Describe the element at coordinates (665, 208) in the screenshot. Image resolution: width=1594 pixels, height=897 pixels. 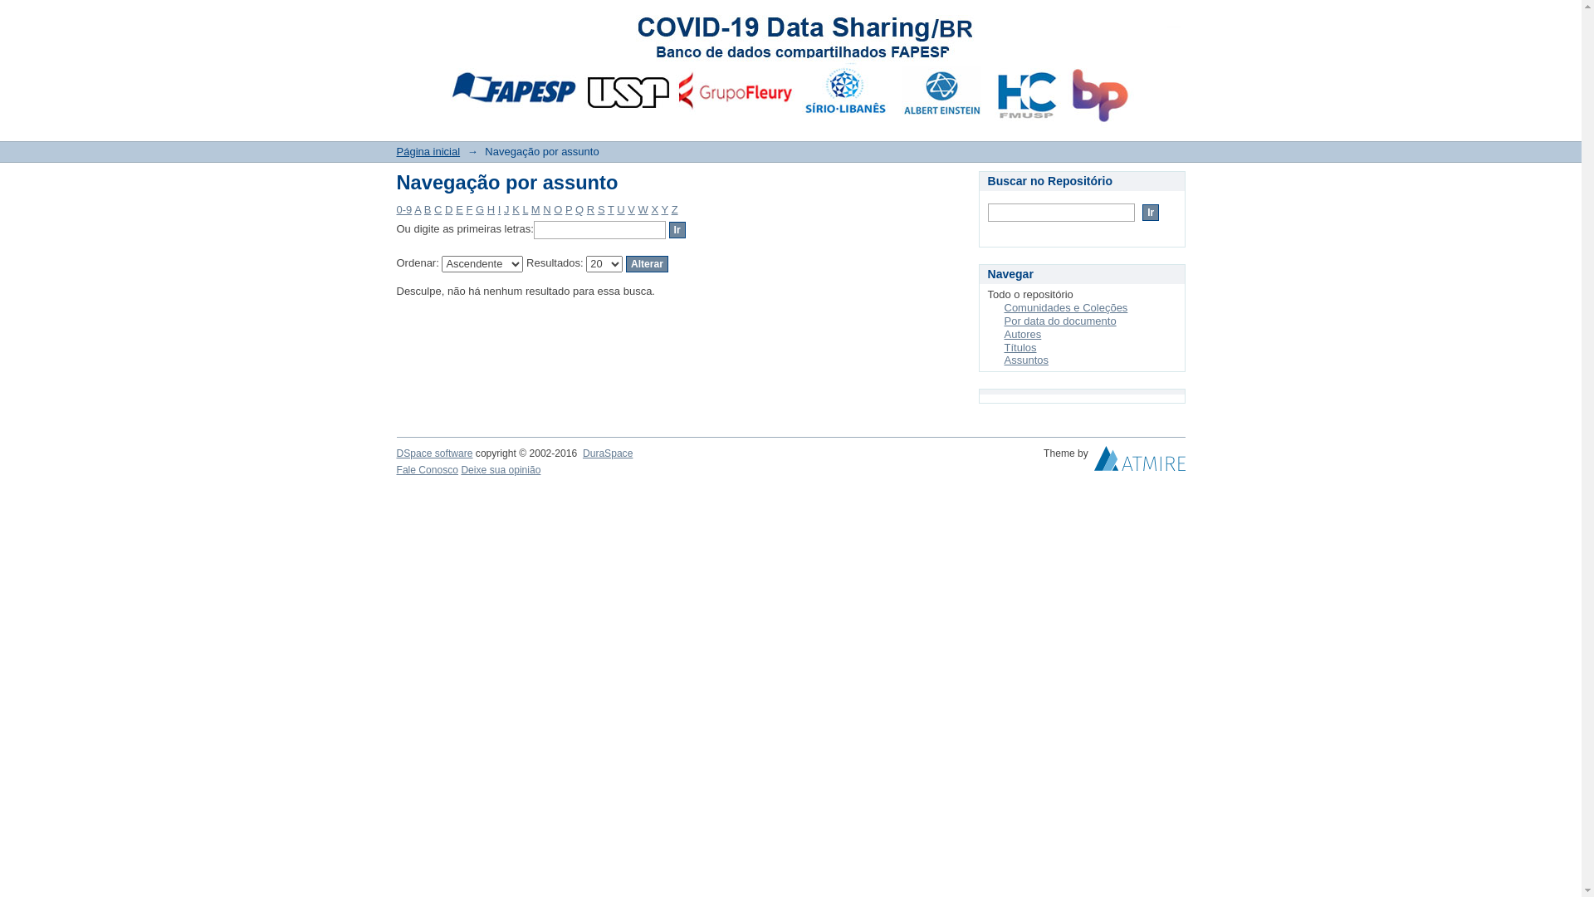
I see `'Y'` at that location.